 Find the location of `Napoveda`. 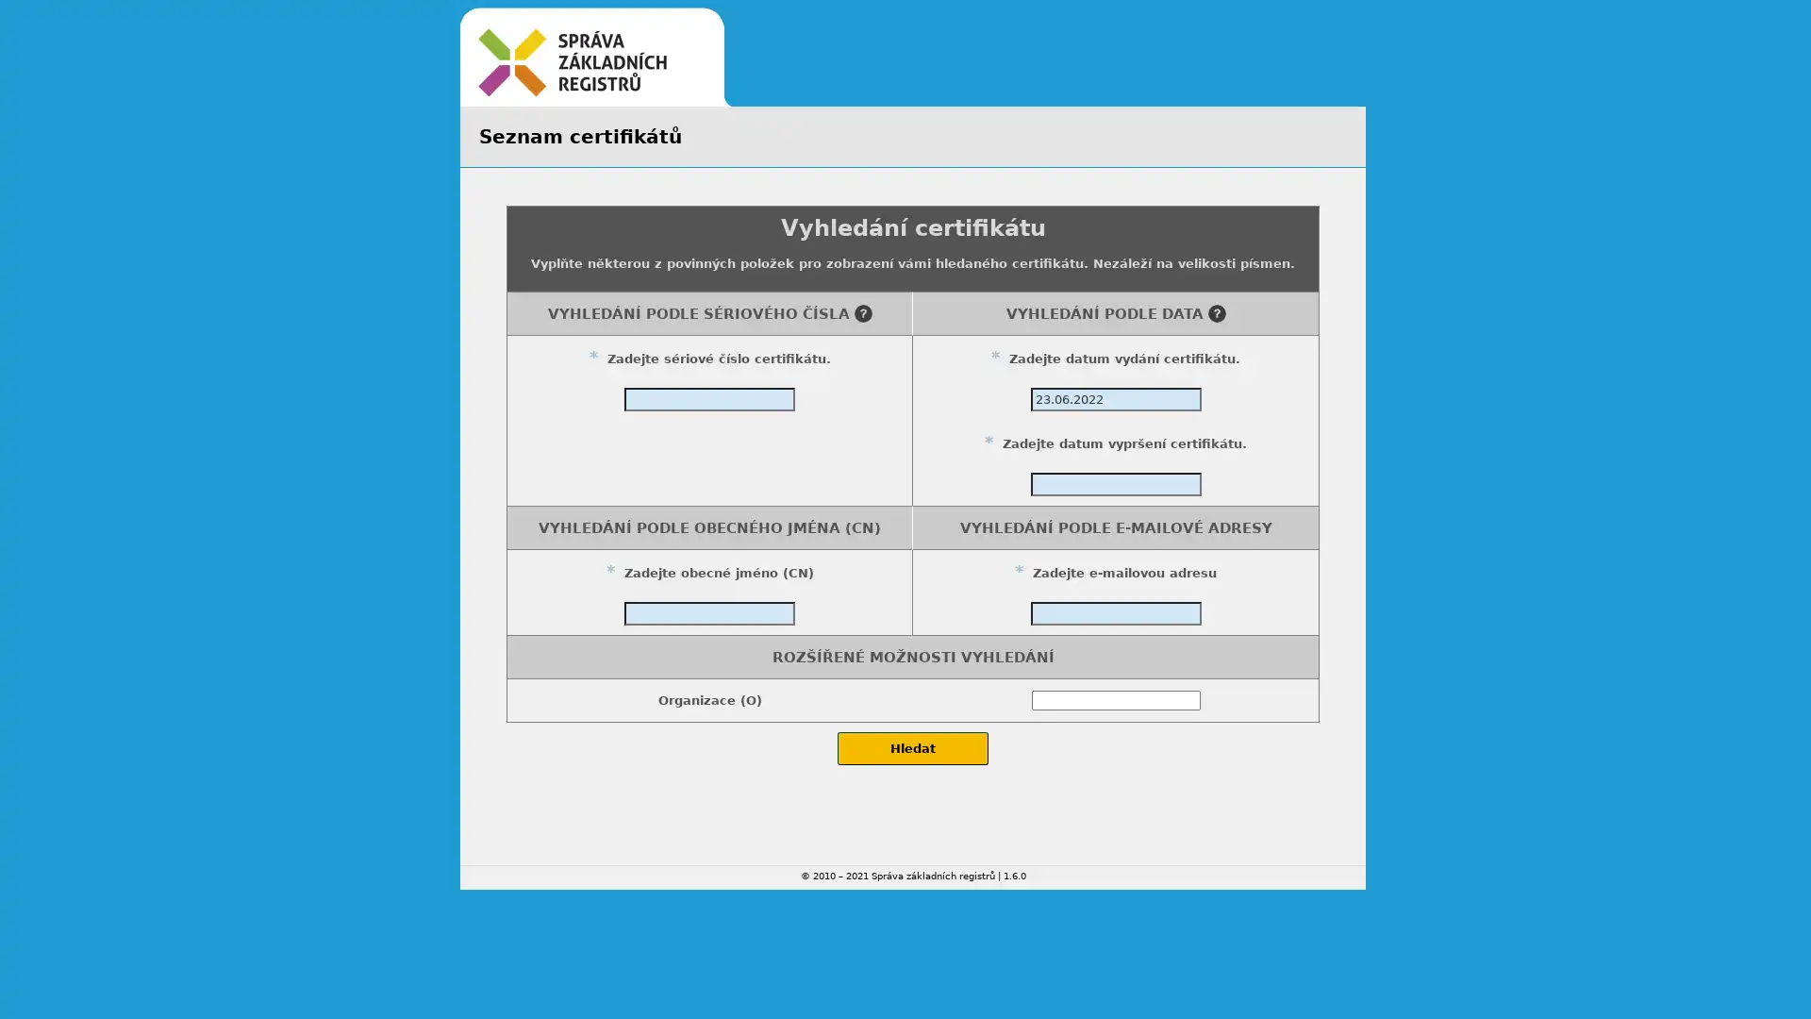

Napoveda is located at coordinates (1216, 312).